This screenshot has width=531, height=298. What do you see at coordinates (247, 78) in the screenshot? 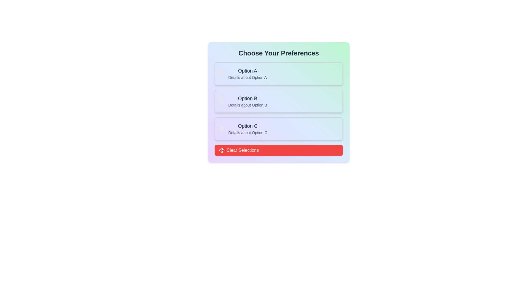
I see `static informational text that reads 'Details about Option A', which is located beneath the larger text 'Option A'` at bounding box center [247, 78].